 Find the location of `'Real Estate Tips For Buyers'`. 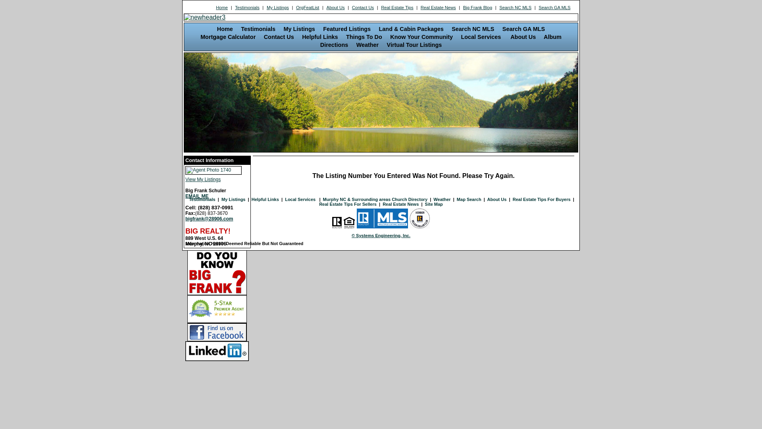

'Real Estate Tips For Buyers' is located at coordinates (541, 199).